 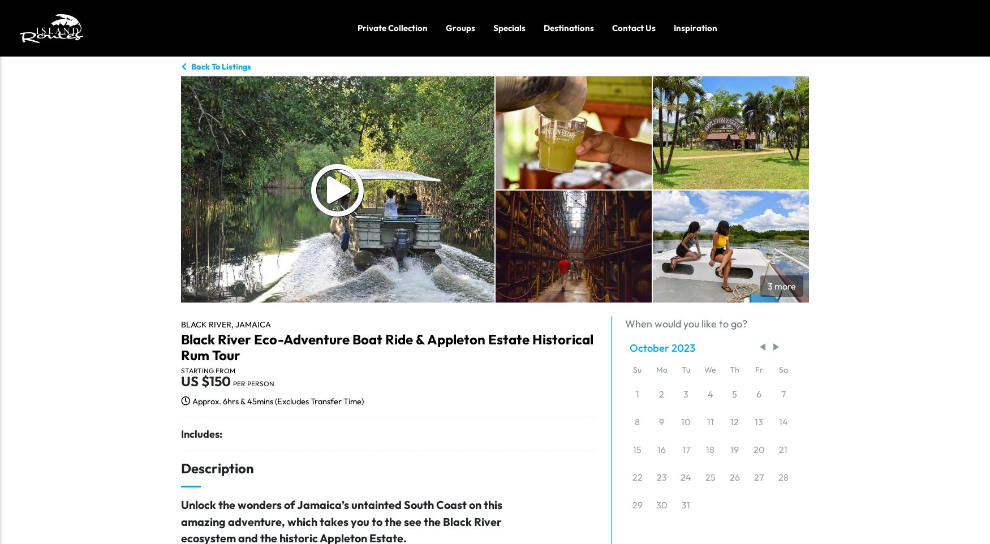 What do you see at coordinates (661, 448) in the screenshot?
I see `'16'` at bounding box center [661, 448].